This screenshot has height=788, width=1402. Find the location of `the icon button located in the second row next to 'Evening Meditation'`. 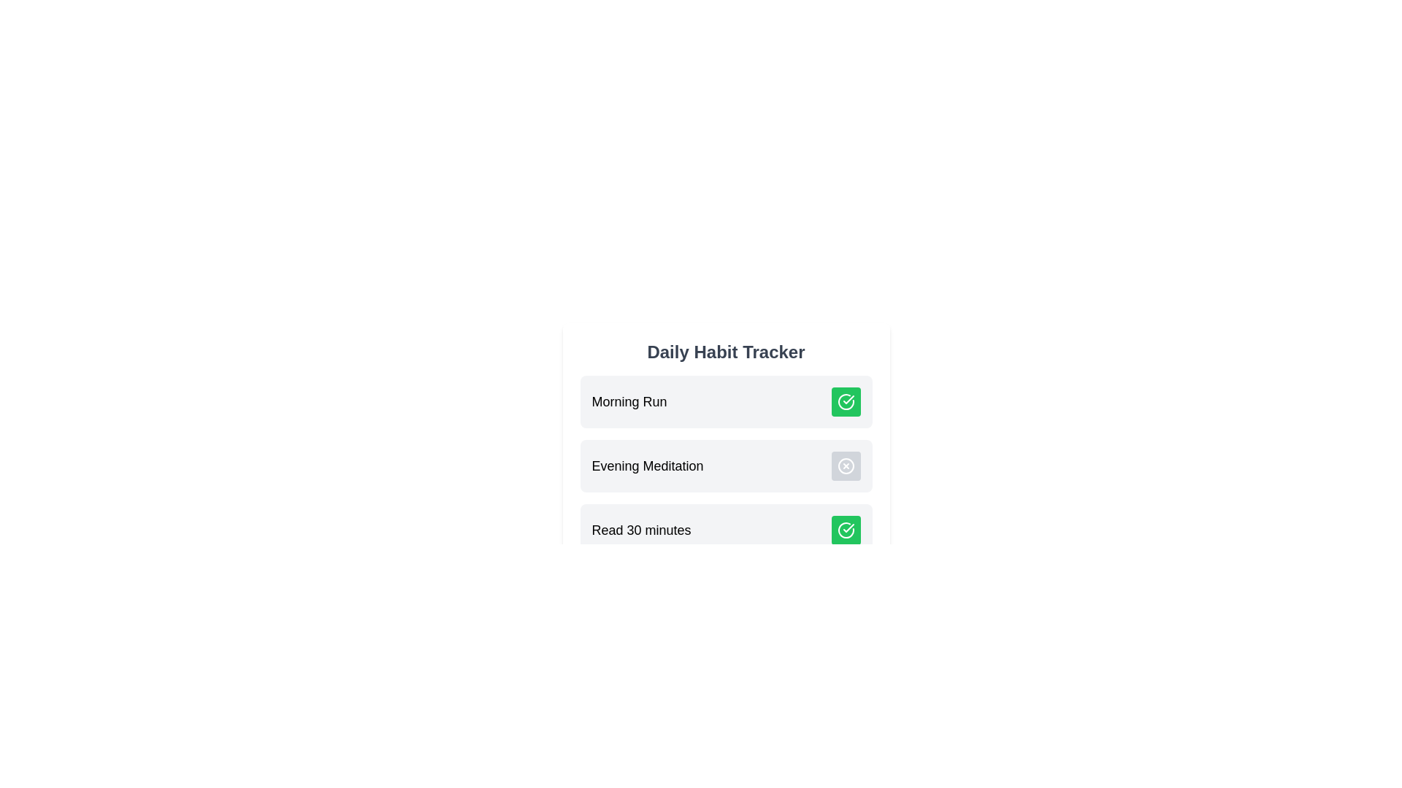

the icon button located in the second row next to 'Evening Meditation' is located at coordinates (846, 466).